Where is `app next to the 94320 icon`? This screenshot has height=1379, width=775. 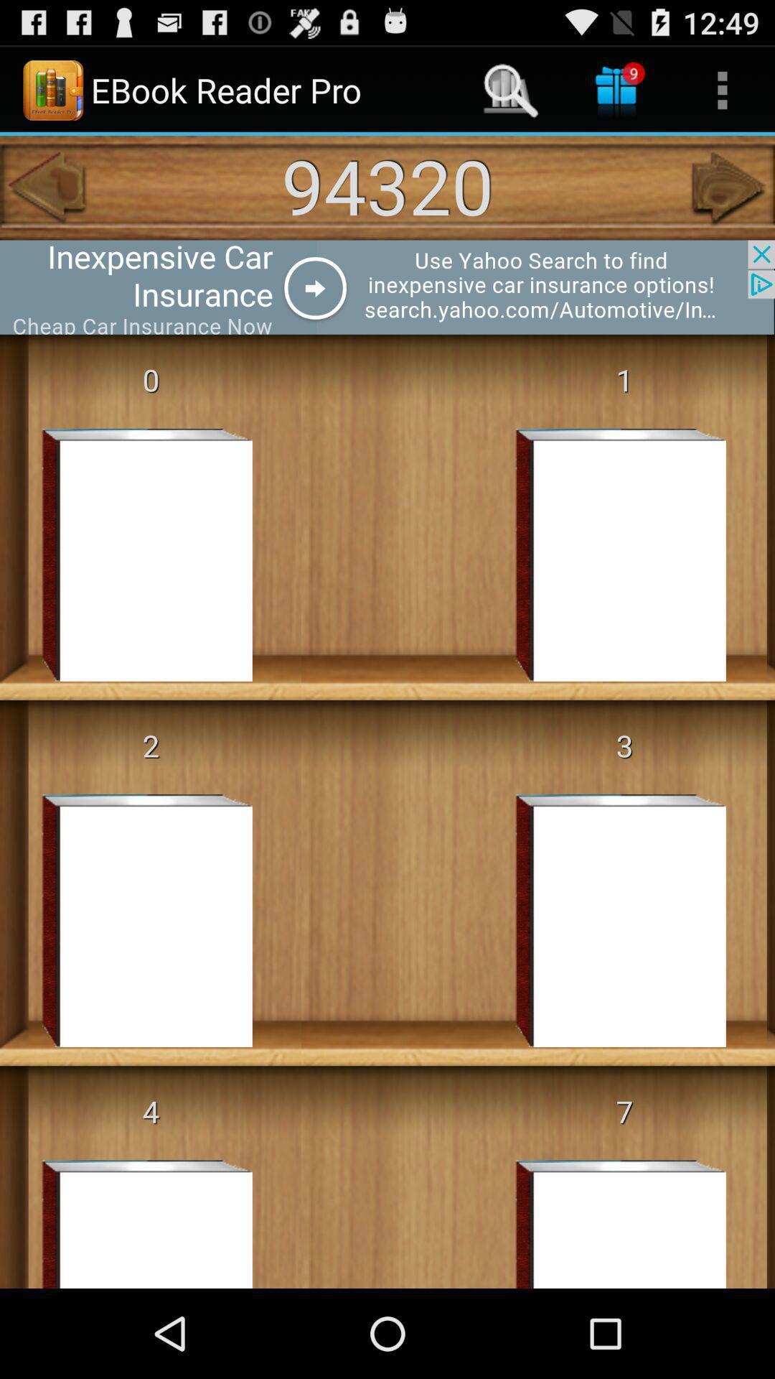 app next to the 94320 icon is located at coordinates (44, 187).